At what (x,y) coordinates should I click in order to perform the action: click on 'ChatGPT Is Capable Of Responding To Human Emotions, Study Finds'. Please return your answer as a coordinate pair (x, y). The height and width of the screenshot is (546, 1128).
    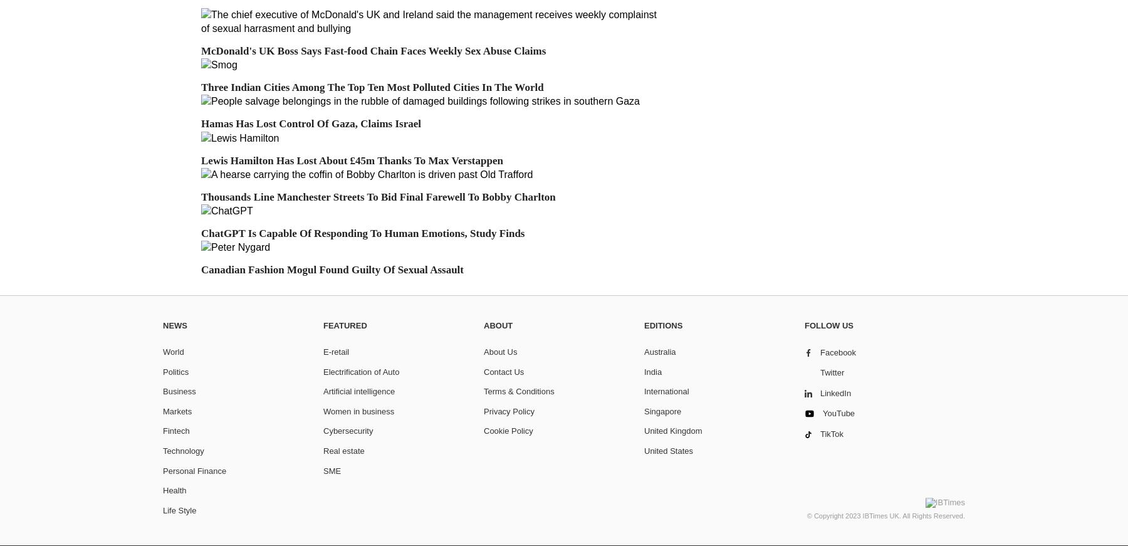
    Looking at the image, I should click on (363, 232).